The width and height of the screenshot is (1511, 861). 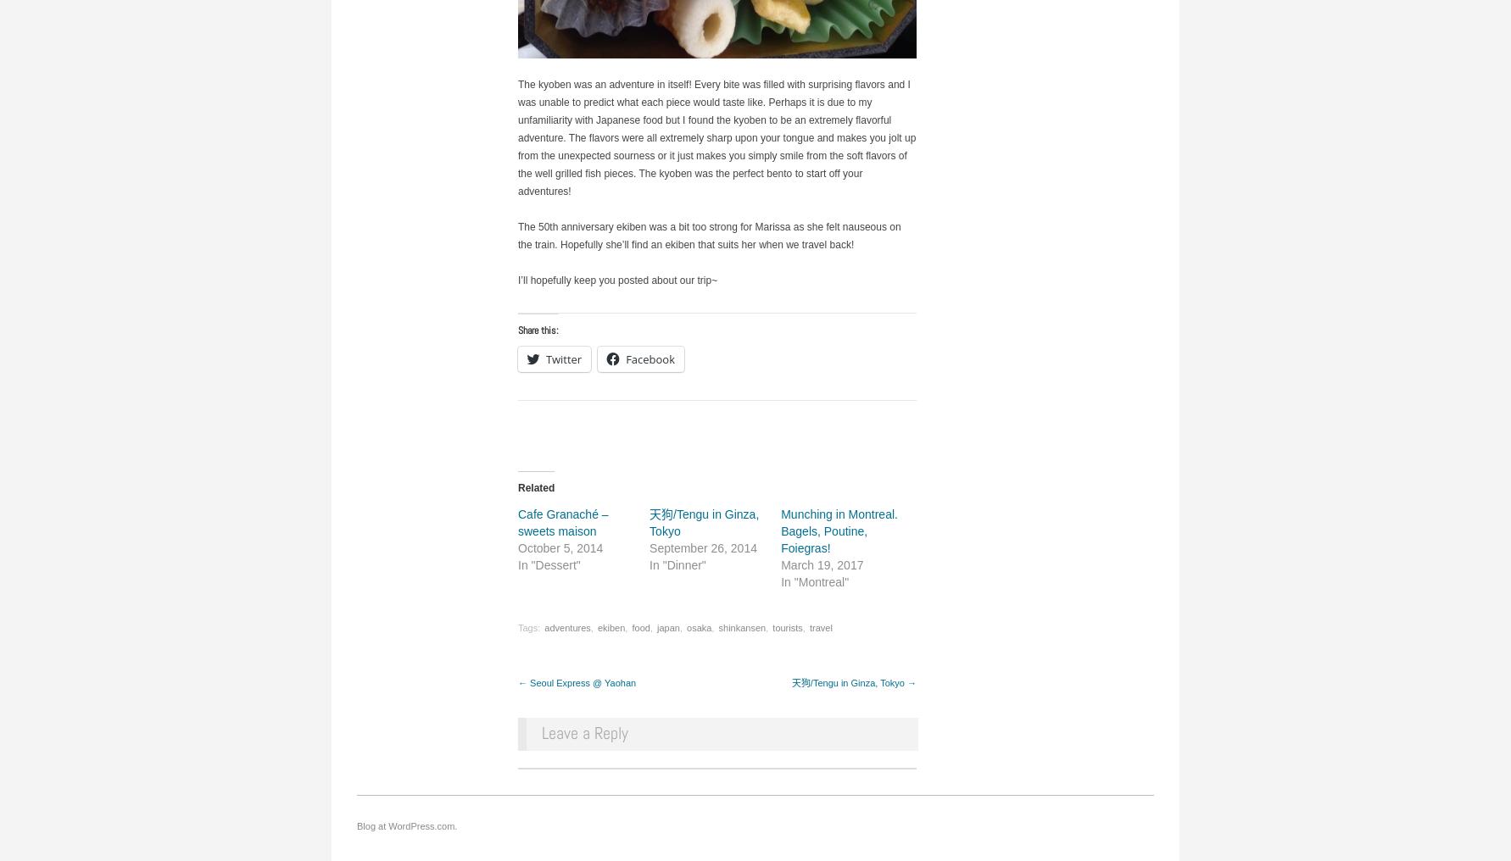 What do you see at coordinates (716, 136) in the screenshot?
I see `'The kyoben was an adventure in itself! Every bite was filled with surprising flavors and I was unable to predict what each piece would taste like. Perhaps it is due to my unfamiliarity with Japanese food but I found the kyoben to be an extremely flavorful adventure. The flavors were all extremely sharp upon your tongue and makes you jolt up from the unexpected sourness or it just makes you simply smile from the soft flavors of the well grilled fish pieces. The kyoben was the perfect bento to start off your adventures!'` at bounding box center [716, 136].